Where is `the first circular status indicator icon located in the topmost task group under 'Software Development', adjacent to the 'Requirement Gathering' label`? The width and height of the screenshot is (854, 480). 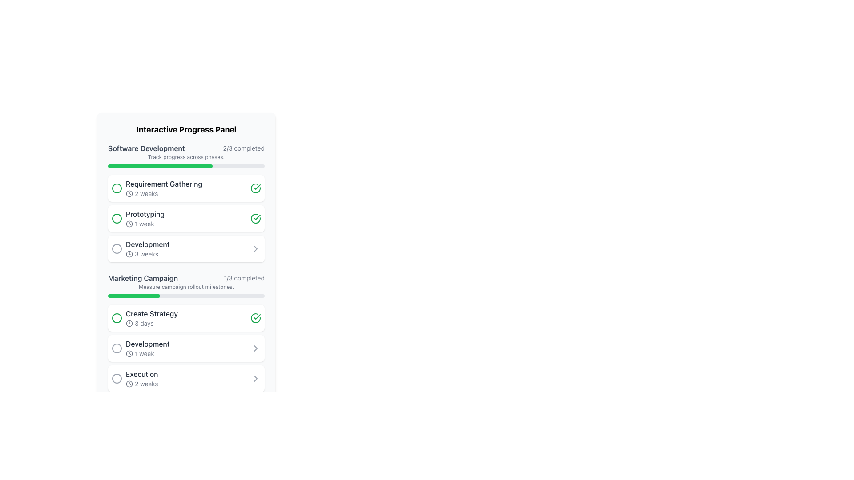 the first circular status indicator icon located in the topmost task group under 'Software Development', adjacent to the 'Requirement Gathering' label is located at coordinates (117, 188).